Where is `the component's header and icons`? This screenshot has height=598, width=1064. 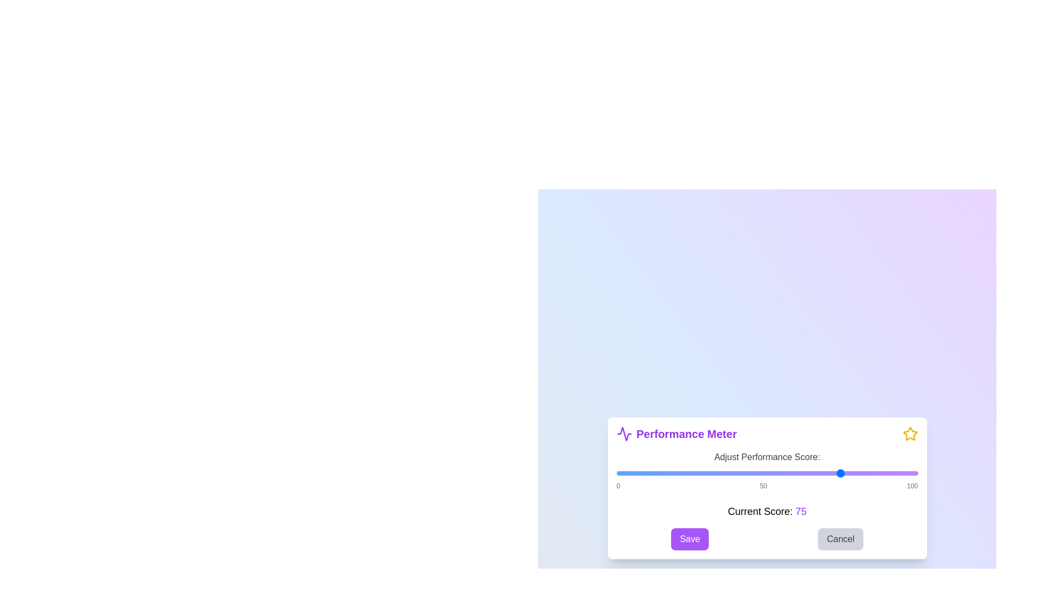 the component's header and icons is located at coordinates (766, 433).